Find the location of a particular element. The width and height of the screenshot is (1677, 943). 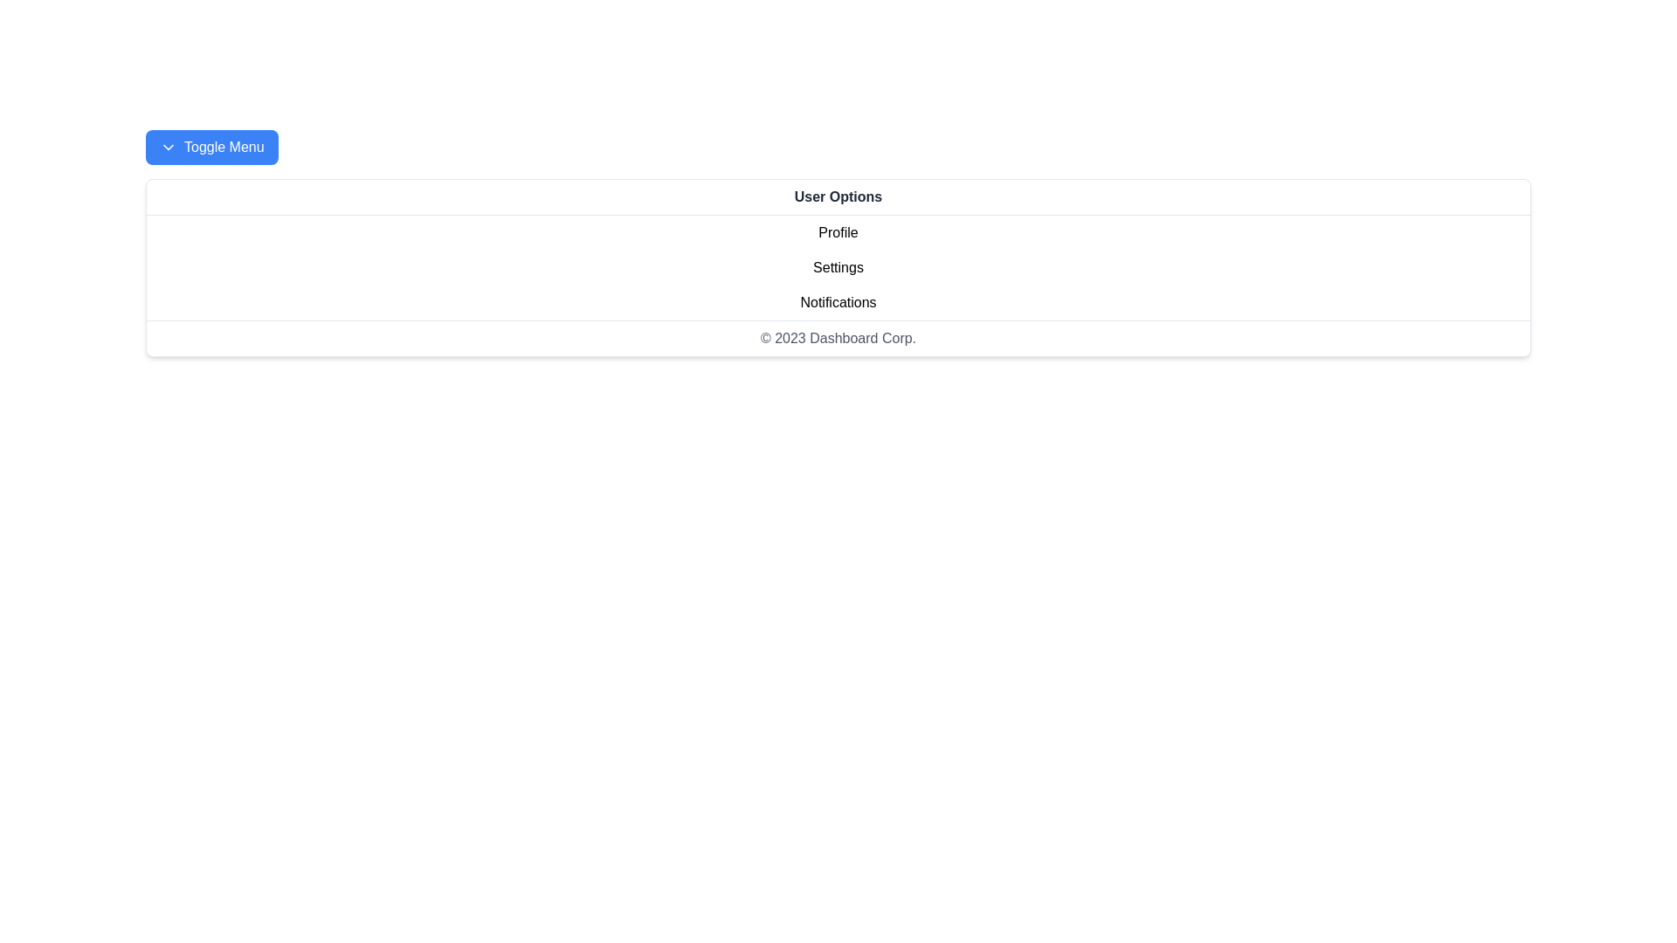

the Notifications from the User Options drawer is located at coordinates (838, 302).